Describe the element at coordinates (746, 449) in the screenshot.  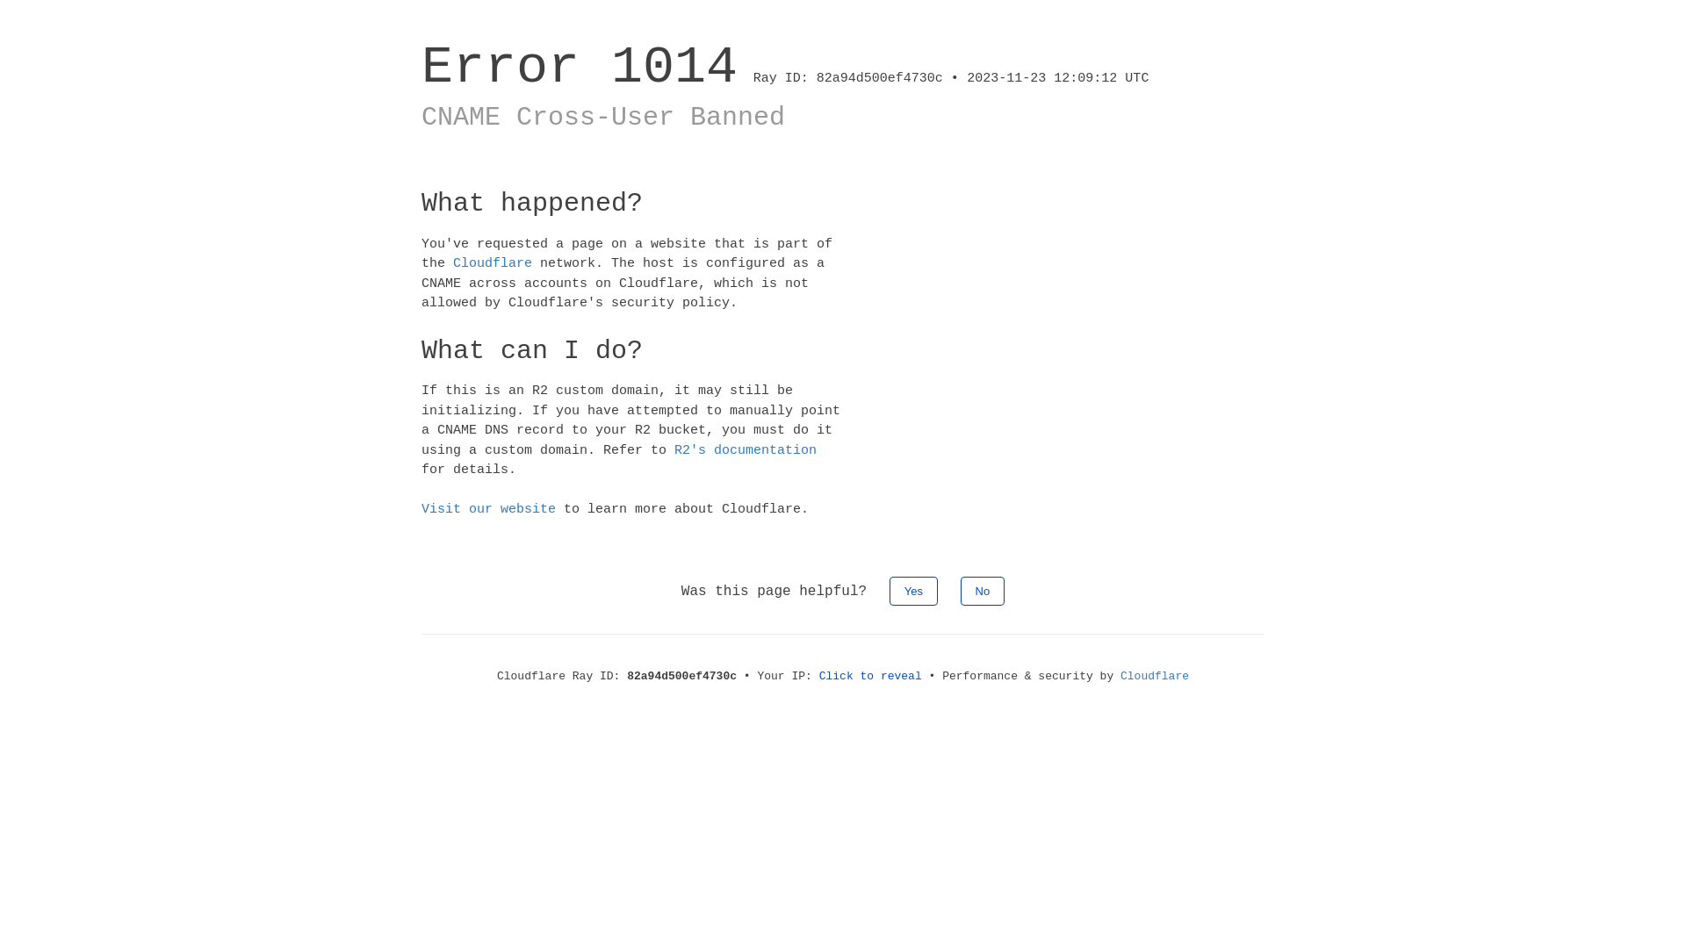
I see `'R2's documentation'` at that location.